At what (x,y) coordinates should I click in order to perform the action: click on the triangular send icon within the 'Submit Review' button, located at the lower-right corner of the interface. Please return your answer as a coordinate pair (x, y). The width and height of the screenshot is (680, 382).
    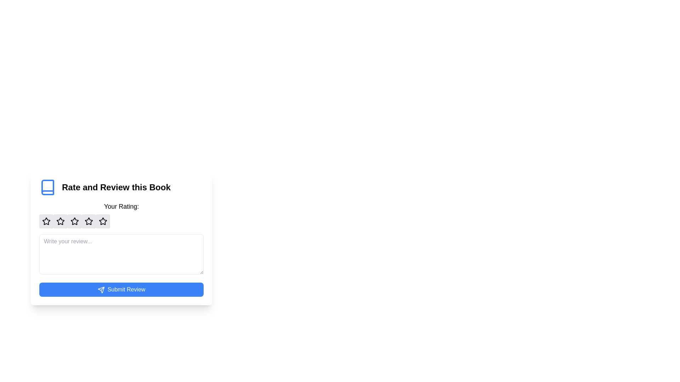
    Looking at the image, I should click on (101, 290).